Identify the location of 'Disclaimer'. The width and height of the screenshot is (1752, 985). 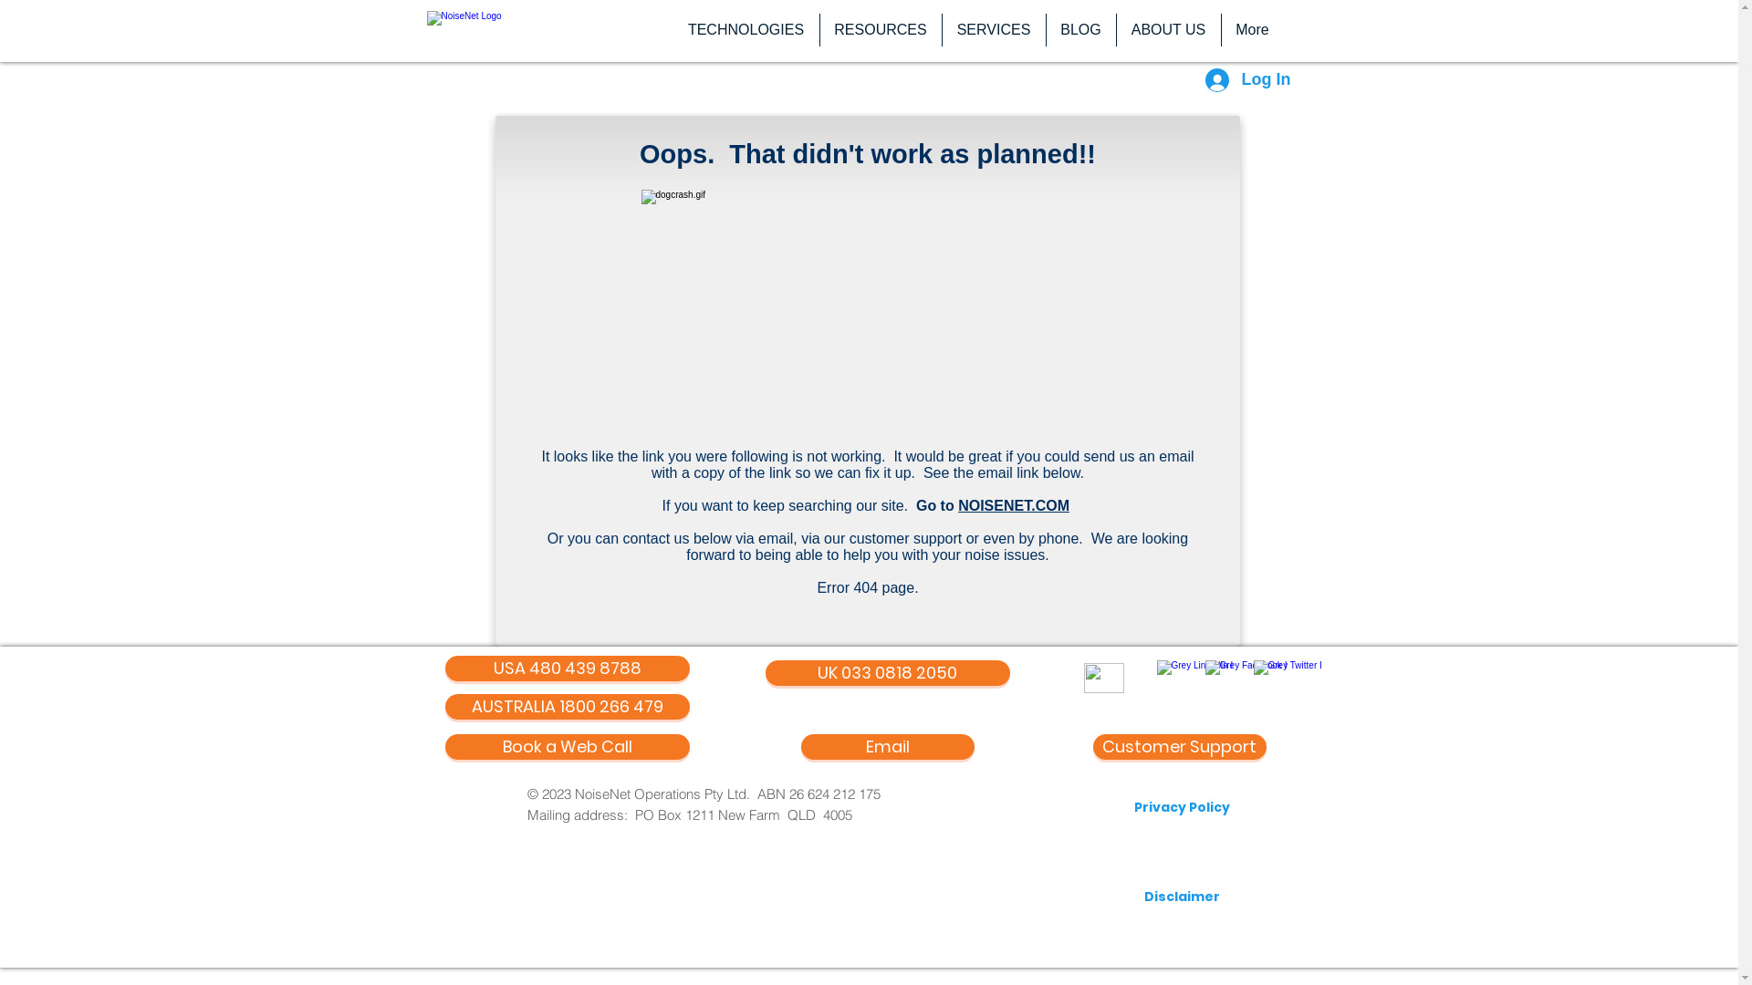
(1182, 896).